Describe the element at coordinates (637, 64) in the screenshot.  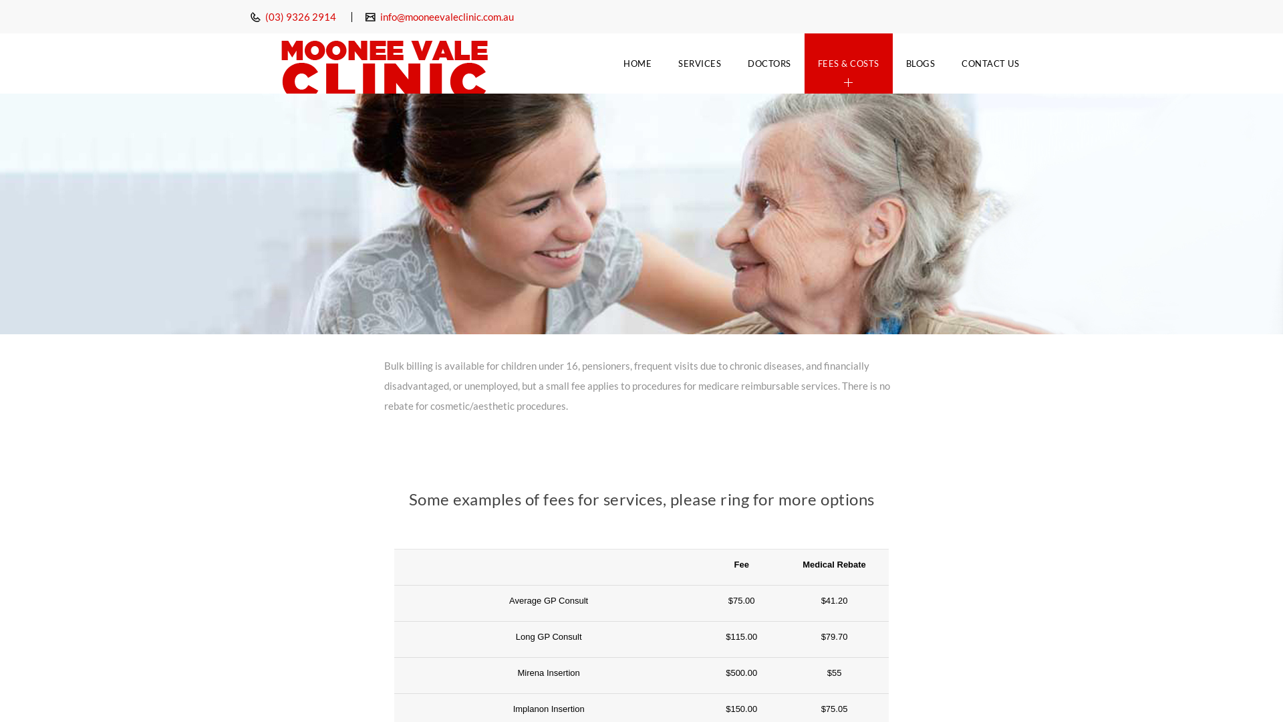
I see `'HOME'` at that location.